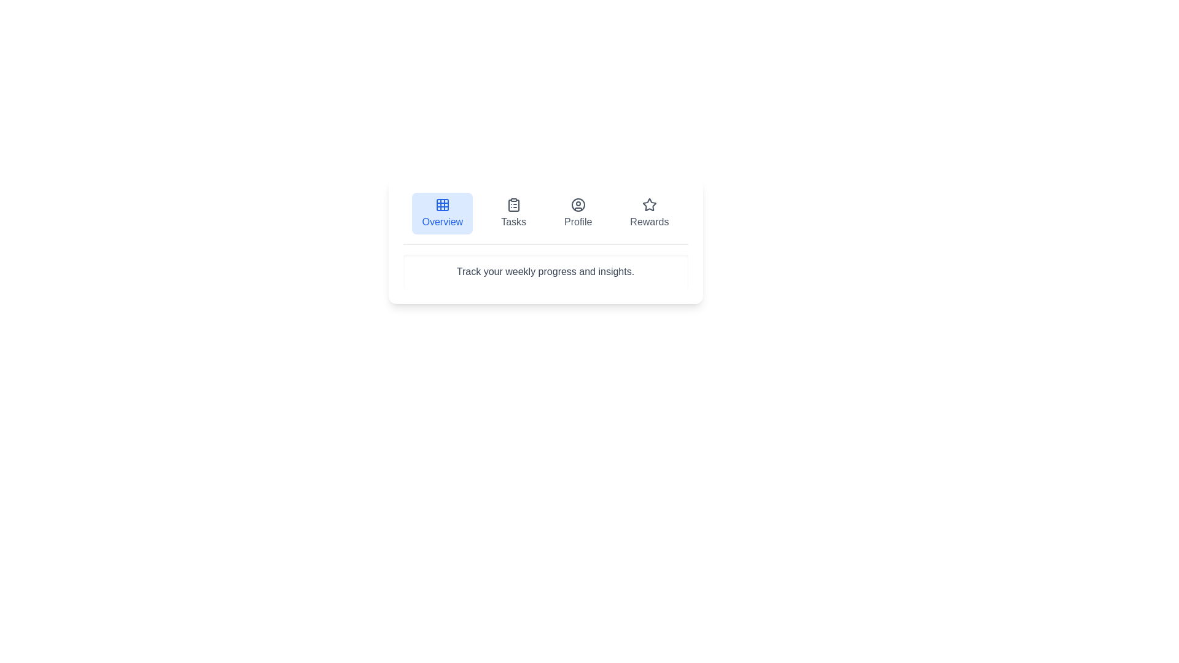 This screenshot has height=663, width=1179. I want to click on the star-shaped icon located in the 'Rewards' section of the navigation toolbar, positioned above the 'Rewards' label text, so click(648, 204).